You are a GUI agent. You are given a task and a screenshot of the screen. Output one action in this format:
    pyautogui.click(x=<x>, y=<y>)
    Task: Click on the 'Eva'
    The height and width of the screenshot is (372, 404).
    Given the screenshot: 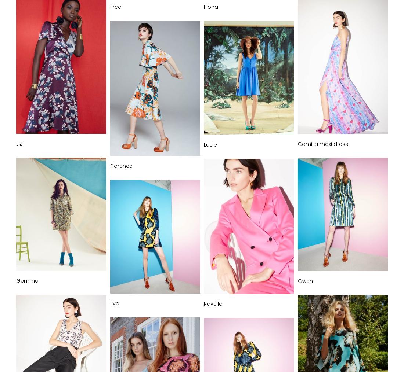 What is the action you would take?
    pyautogui.click(x=114, y=303)
    